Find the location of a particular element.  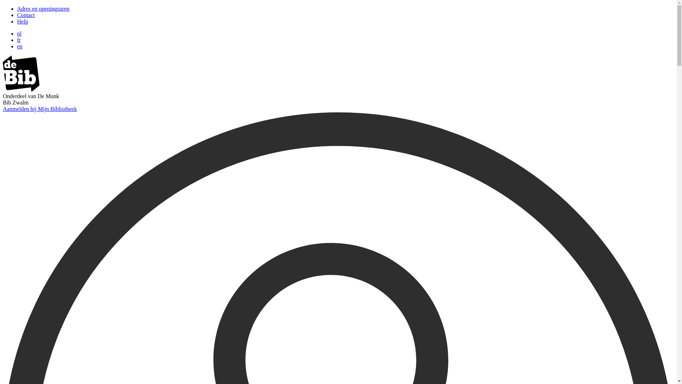

'Adres en openingsuren' is located at coordinates (43, 9).